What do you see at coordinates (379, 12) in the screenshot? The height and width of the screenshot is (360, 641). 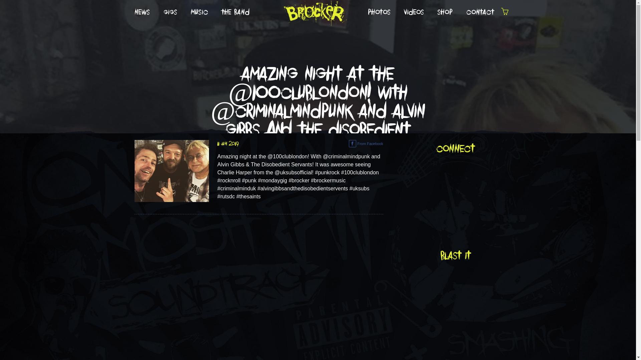 I see `'photos'` at bounding box center [379, 12].